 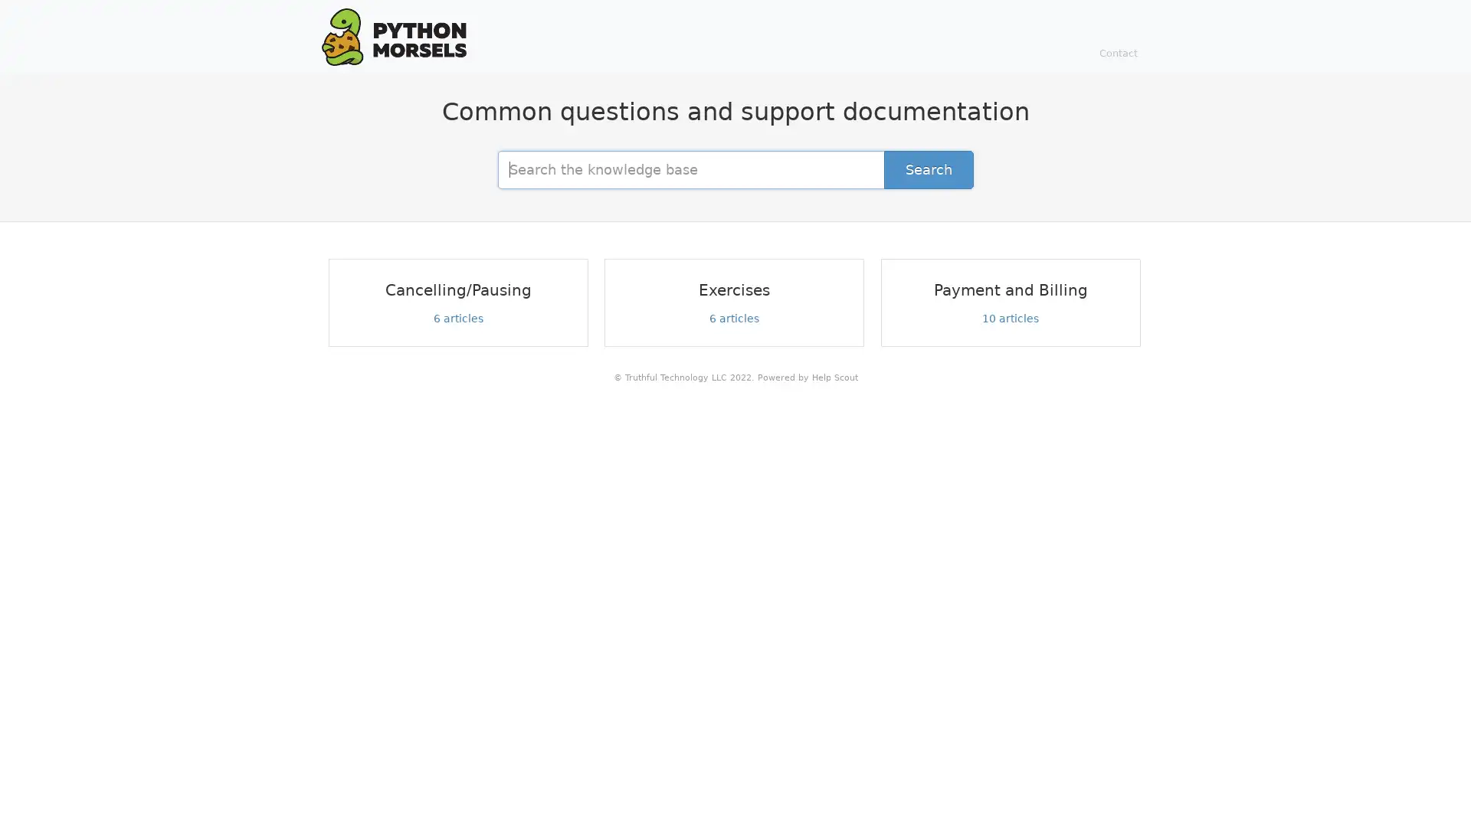 What do you see at coordinates (928, 168) in the screenshot?
I see `Search` at bounding box center [928, 168].